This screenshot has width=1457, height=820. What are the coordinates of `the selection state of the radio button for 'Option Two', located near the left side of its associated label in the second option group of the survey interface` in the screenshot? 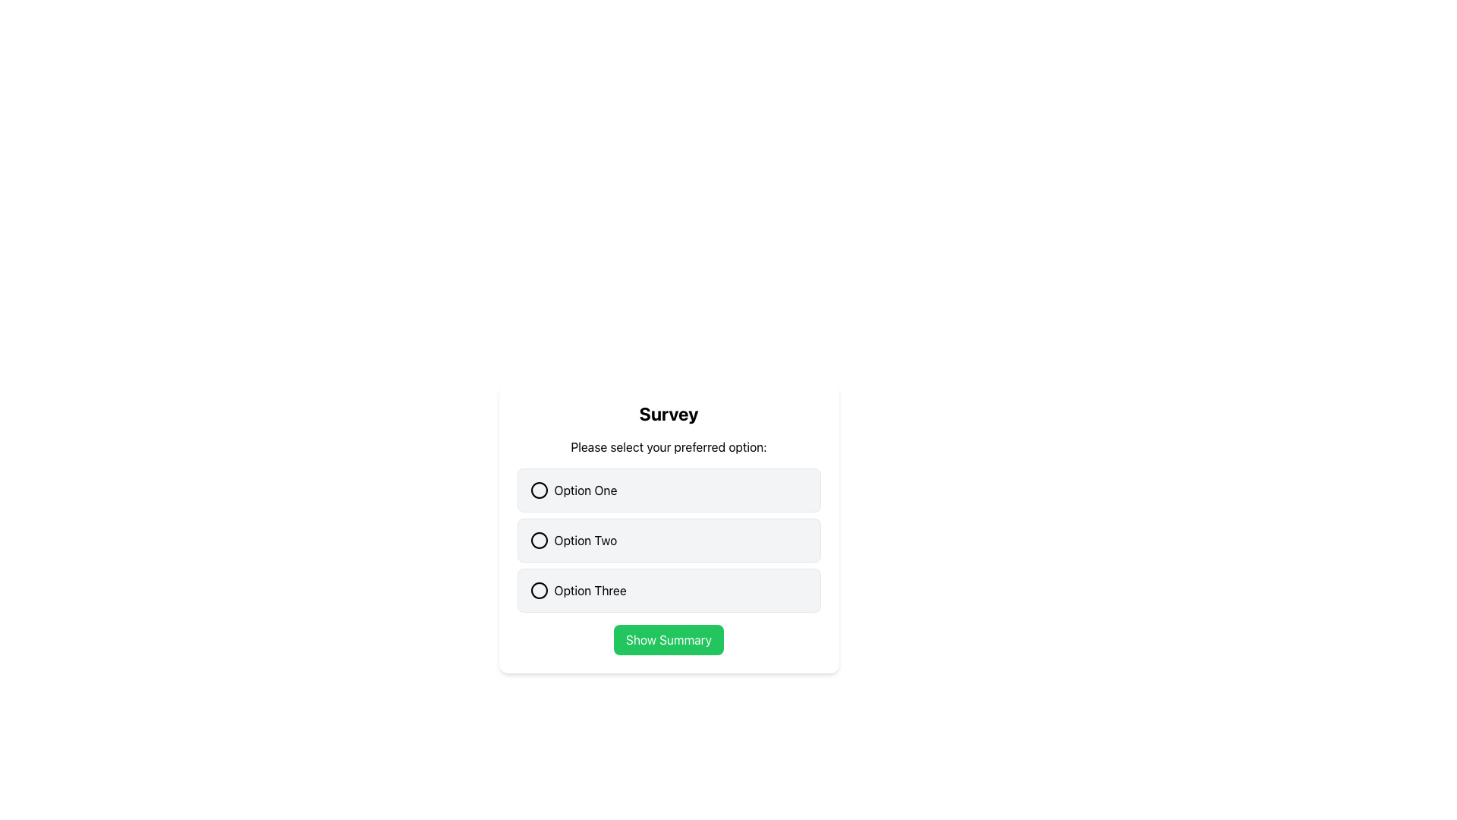 It's located at (539, 540).